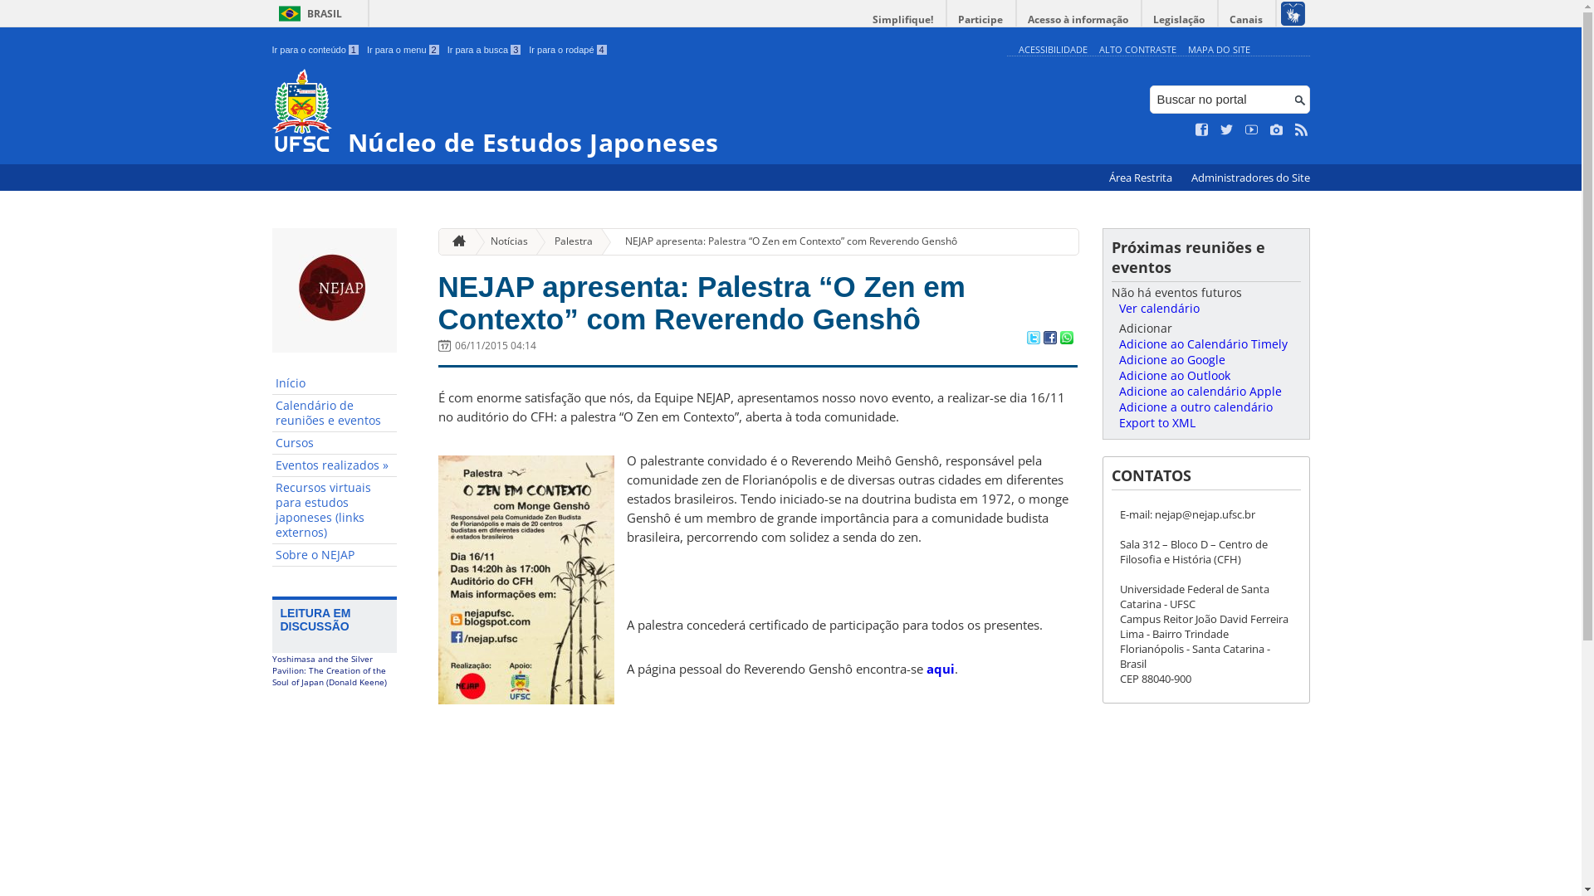 The width and height of the screenshot is (1594, 896). What do you see at coordinates (946, 19) in the screenshot?
I see `'Participe'` at bounding box center [946, 19].